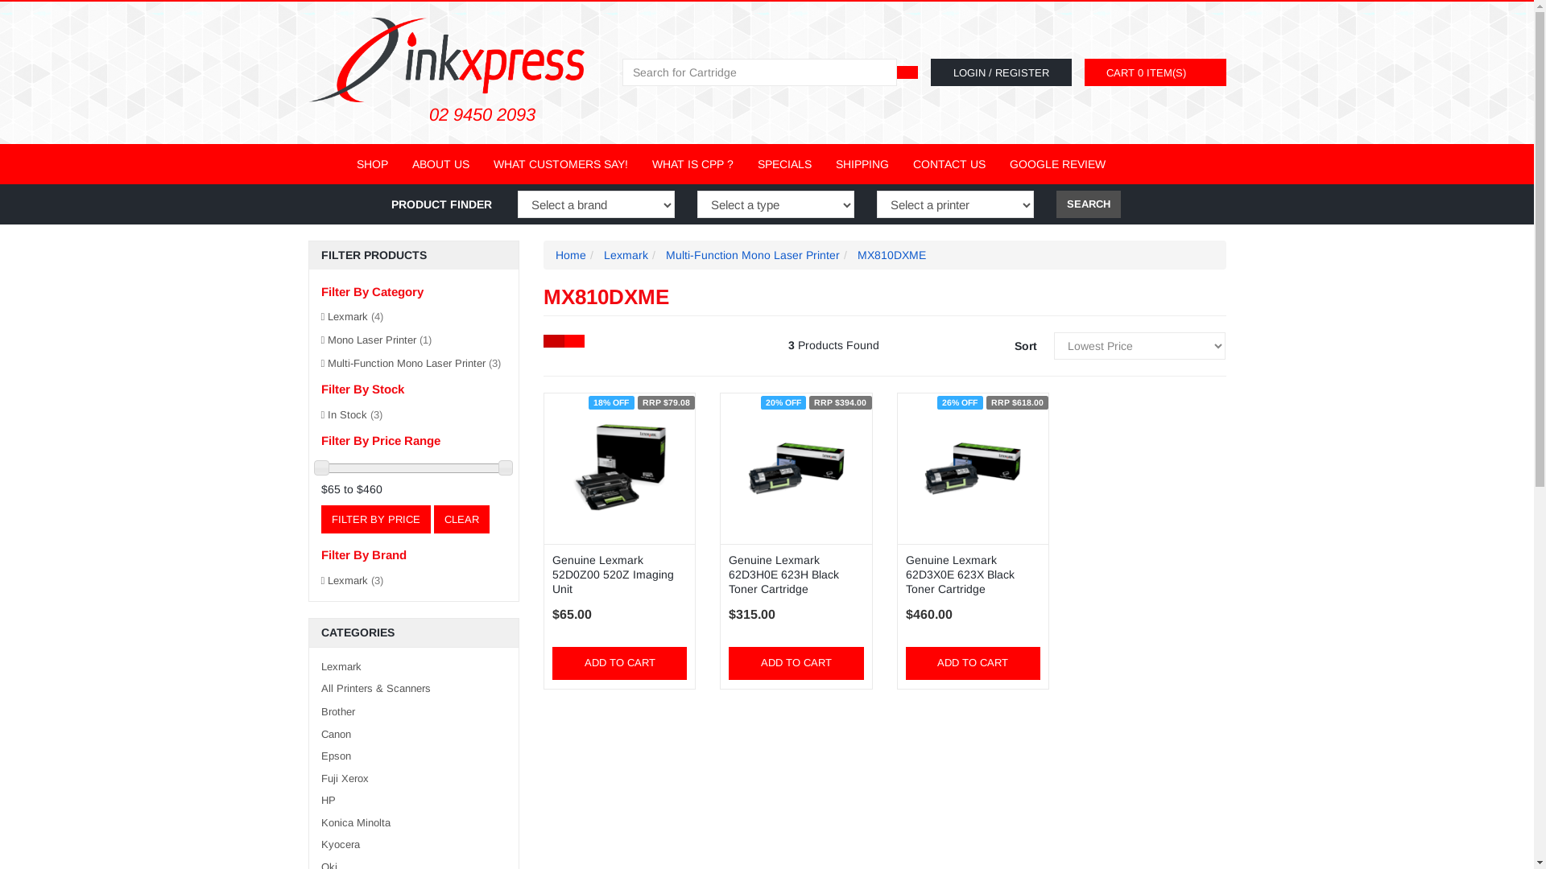 This screenshot has width=1546, height=869. What do you see at coordinates (745, 164) in the screenshot?
I see `'SPECIALS'` at bounding box center [745, 164].